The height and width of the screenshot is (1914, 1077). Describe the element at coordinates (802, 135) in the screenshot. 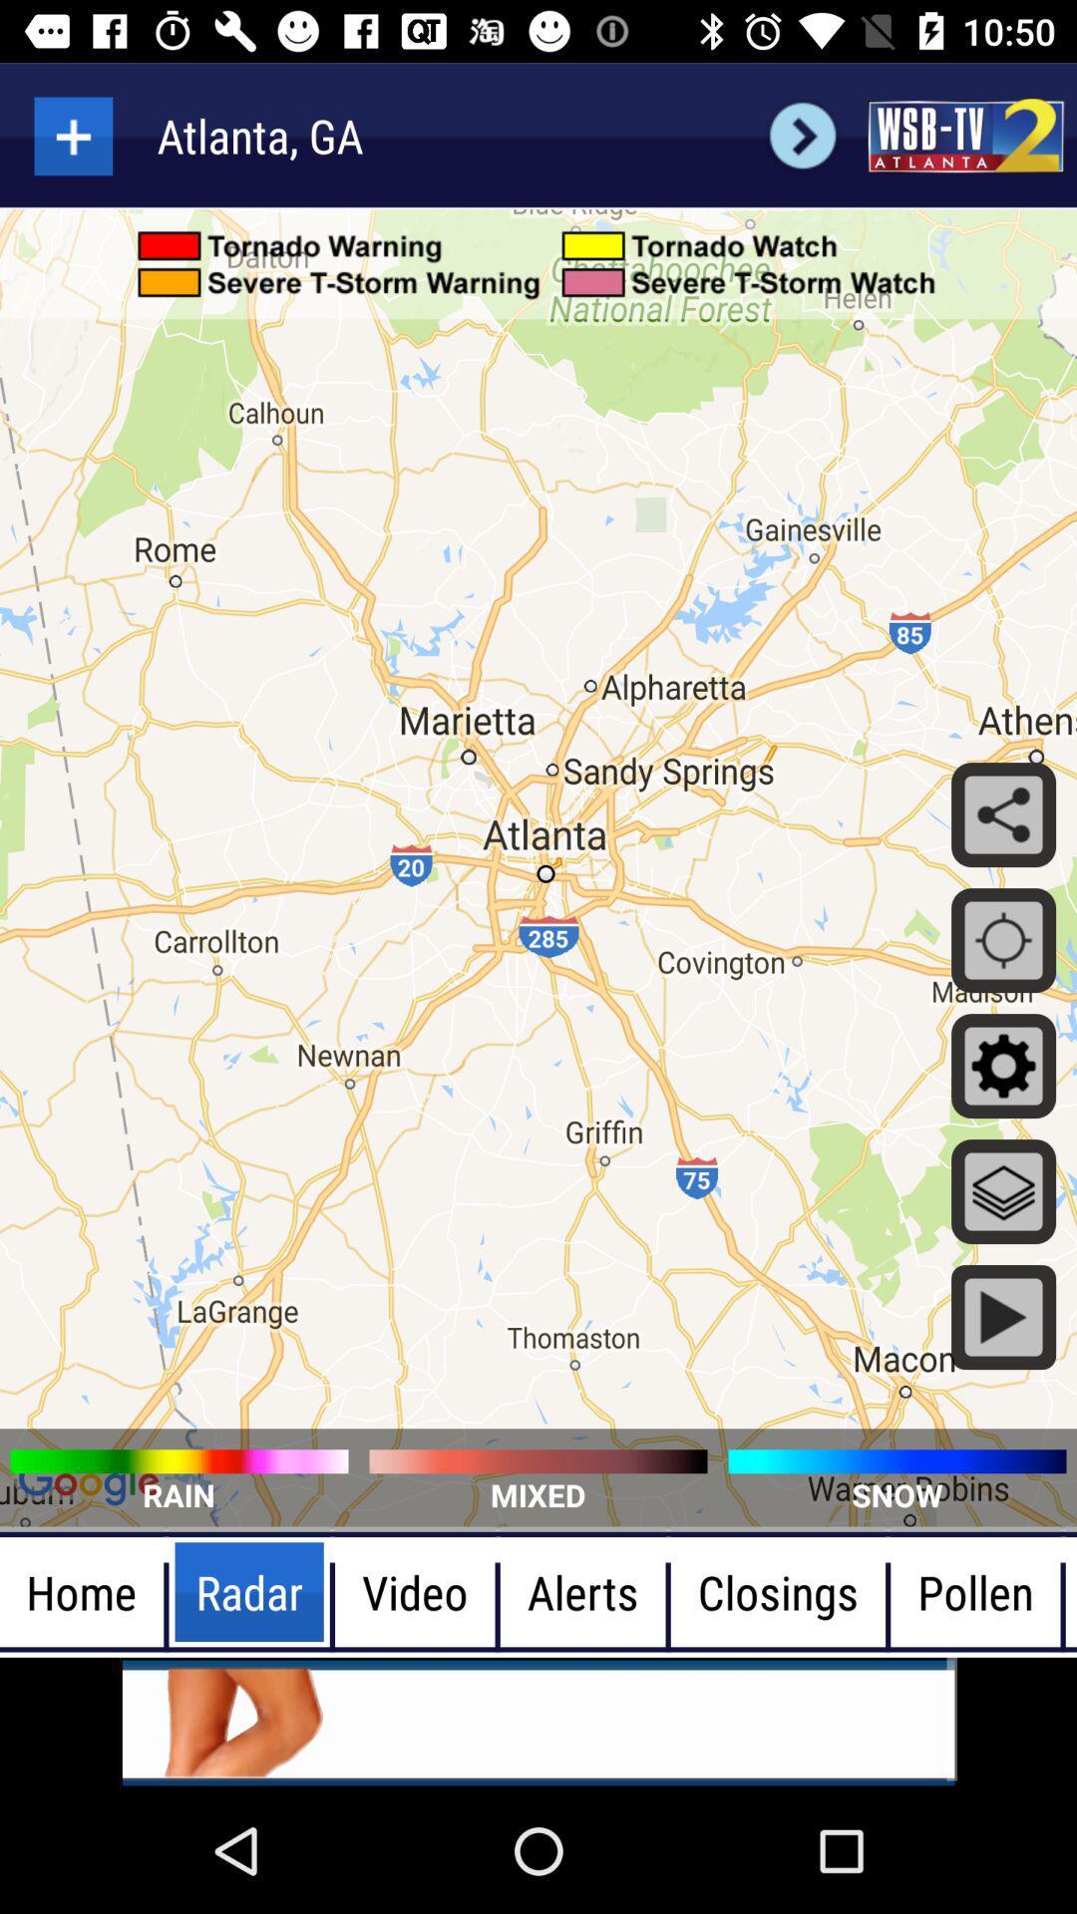

I see `the arrow_forward icon` at that location.